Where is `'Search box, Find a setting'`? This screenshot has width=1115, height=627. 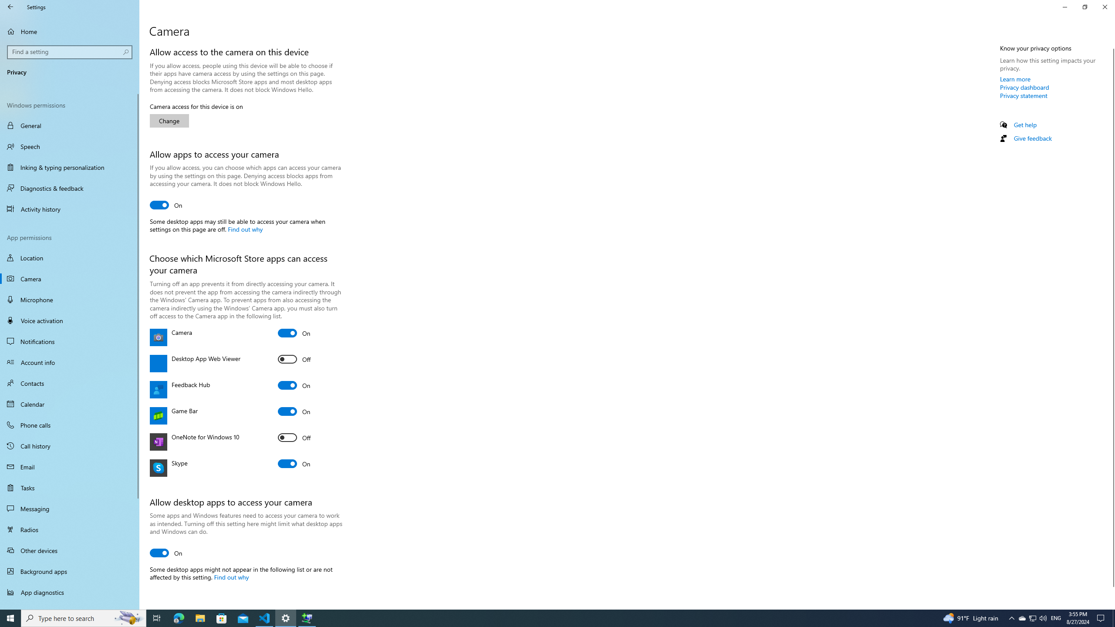
'Search box, Find a setting' is located at coordinates (70, 51).